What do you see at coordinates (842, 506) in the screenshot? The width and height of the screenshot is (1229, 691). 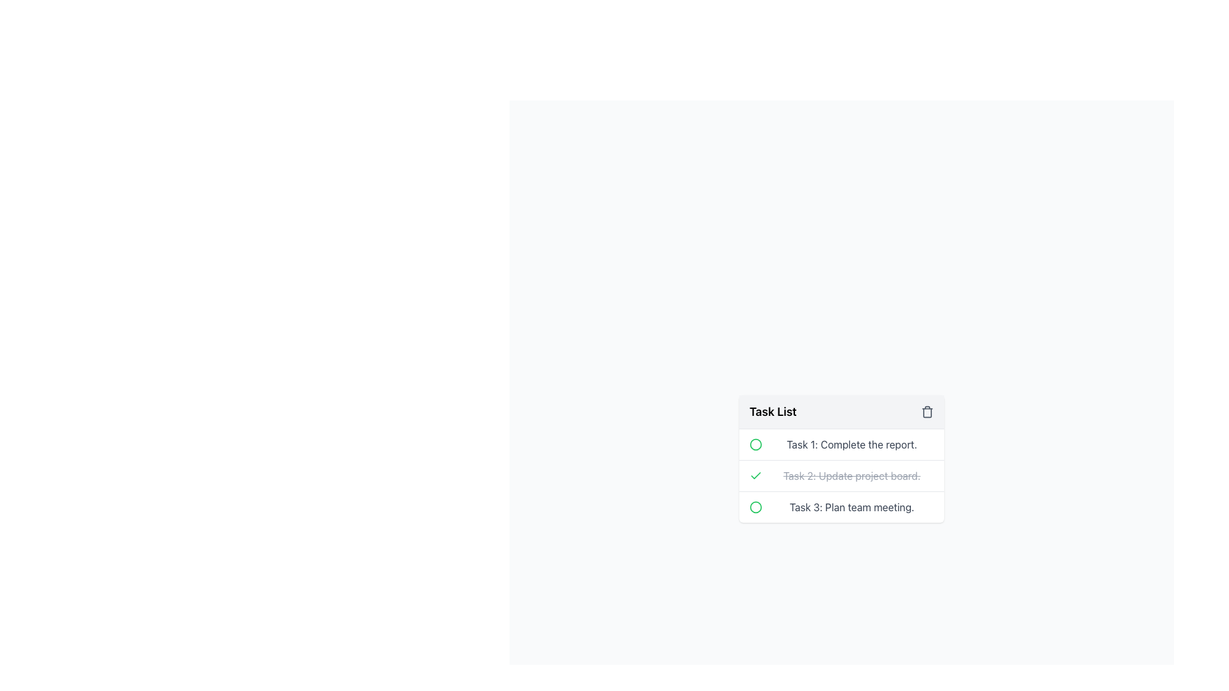 I see `the green circular icon on the left of the task entry 'Task 3: Plan team meeting.' to mark the task as complete` at bounding box center [842, 506].